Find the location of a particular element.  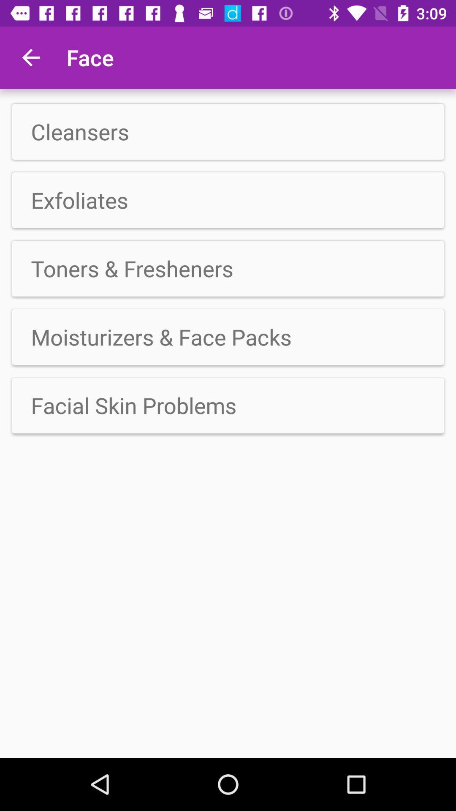

the app above toners & fresheners item is located at coordinates (228, 200).